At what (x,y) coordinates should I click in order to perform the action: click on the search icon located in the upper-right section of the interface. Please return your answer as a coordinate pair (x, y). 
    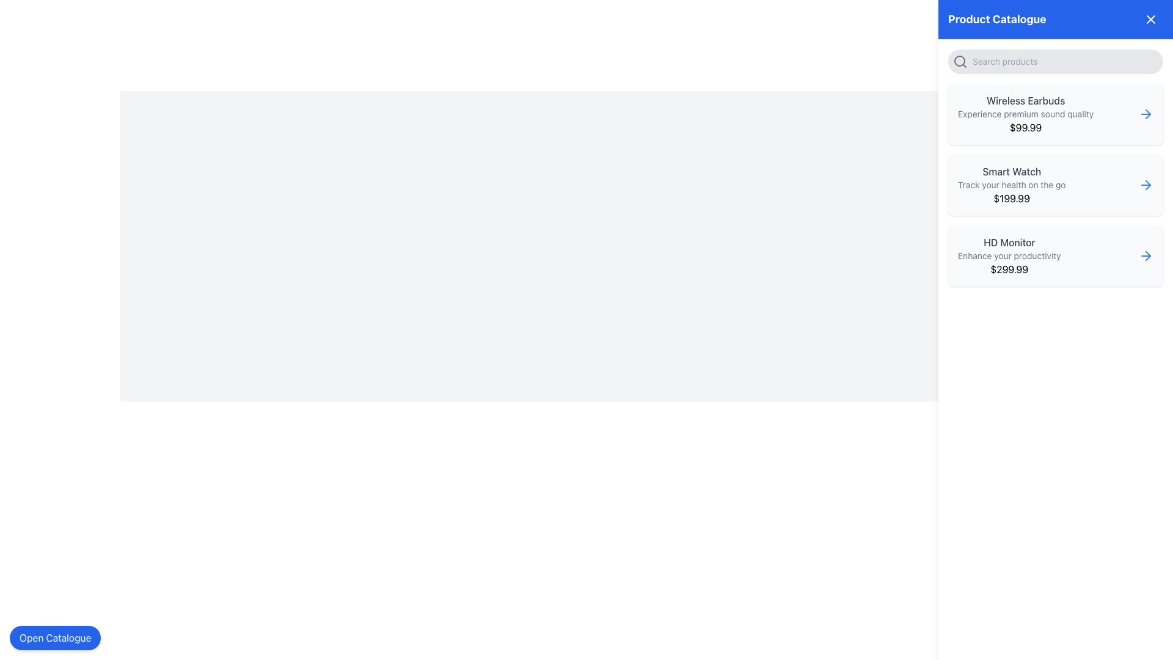
    Looking at the image, I should click on (959, 61).